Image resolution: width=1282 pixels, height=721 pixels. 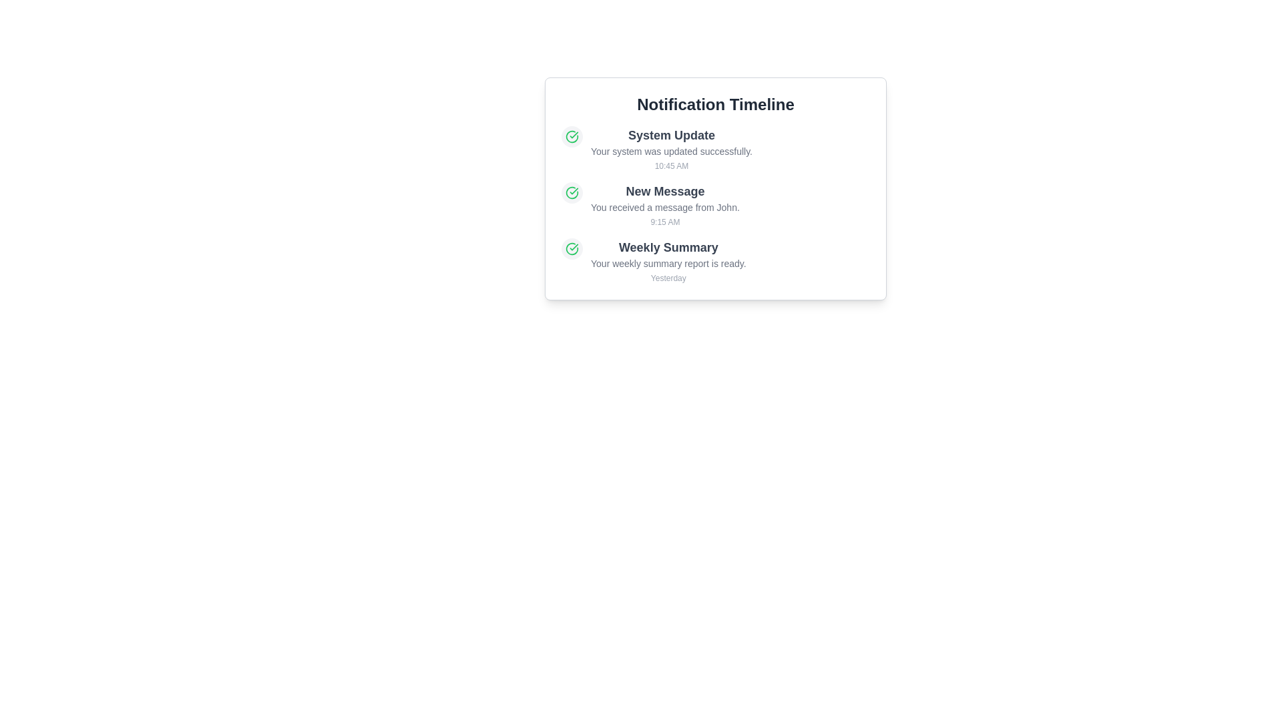 What do you see at coordinates (572, 193) in the screenshot?
I see `the first circular icon representing the successful update status of the system, located to the left of the 'System Update' notification text in the timeline interface` at bounding box center [572, 193].